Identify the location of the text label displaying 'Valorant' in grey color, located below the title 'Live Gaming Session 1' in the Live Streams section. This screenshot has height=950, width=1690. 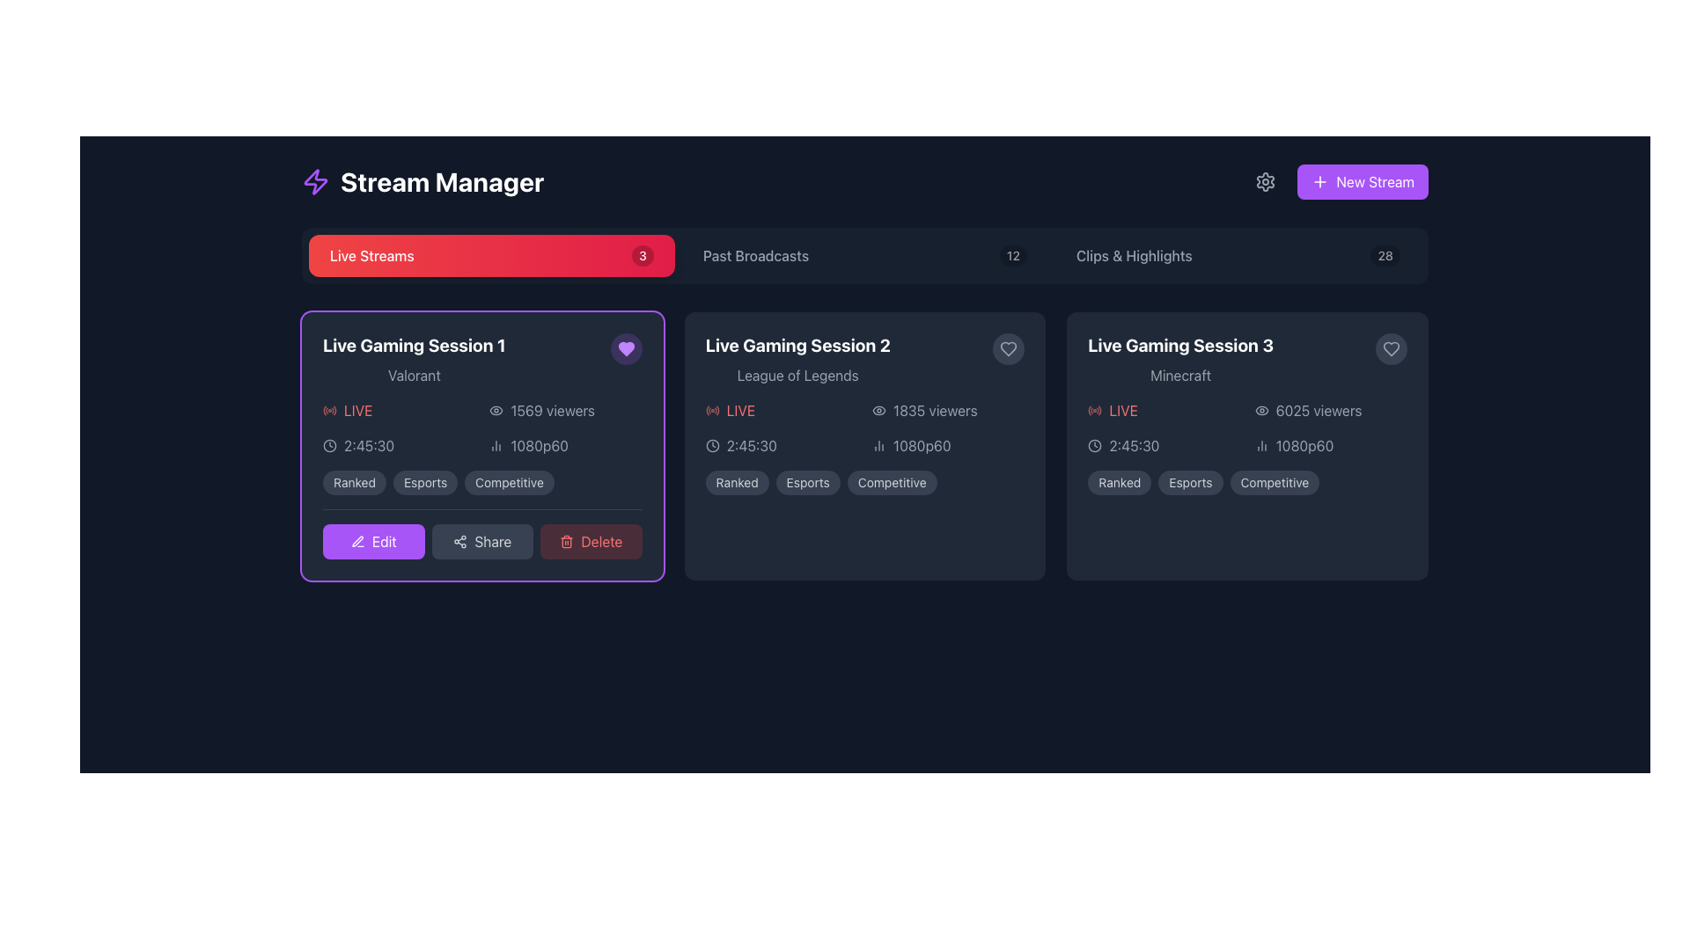
(413, 375).